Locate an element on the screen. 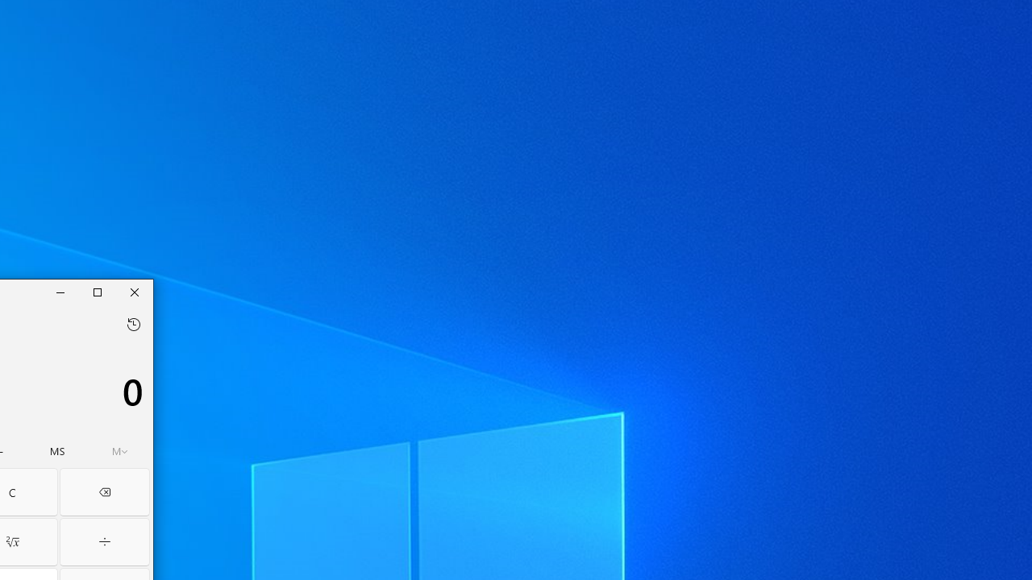  'Minimize Calculator' is located at coordinates (60, 292).